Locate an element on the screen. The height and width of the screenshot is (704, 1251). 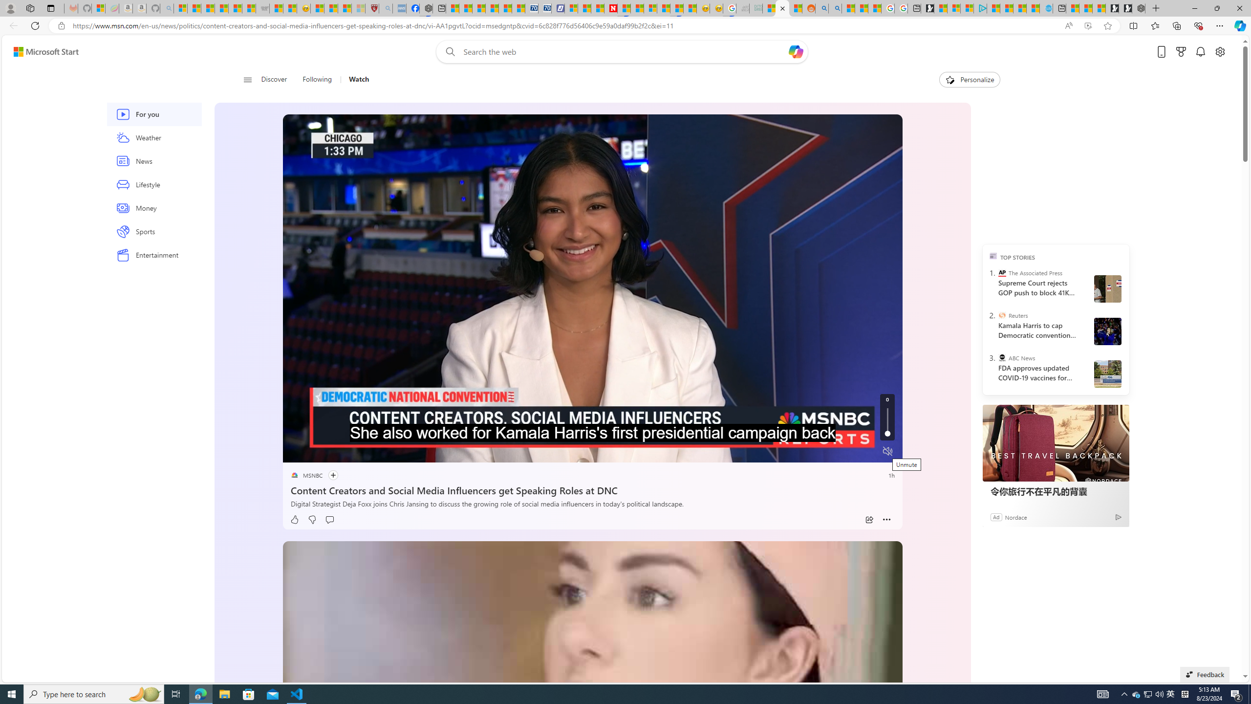
'Utah sues federal government - Search' is located at coordinates (835, 8).